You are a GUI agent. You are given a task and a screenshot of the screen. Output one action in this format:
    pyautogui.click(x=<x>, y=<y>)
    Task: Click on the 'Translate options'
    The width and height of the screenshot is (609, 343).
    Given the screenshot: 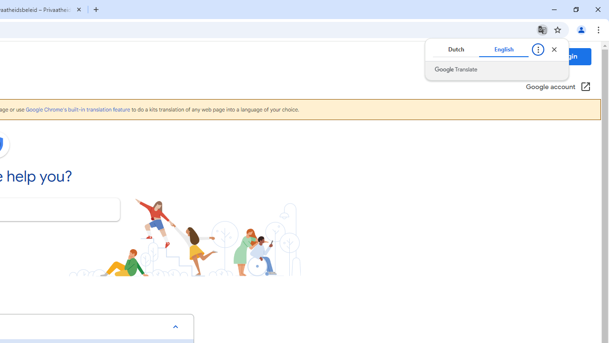 What is the action you would take?
    pyautogui.click(x=538, y=50)
    